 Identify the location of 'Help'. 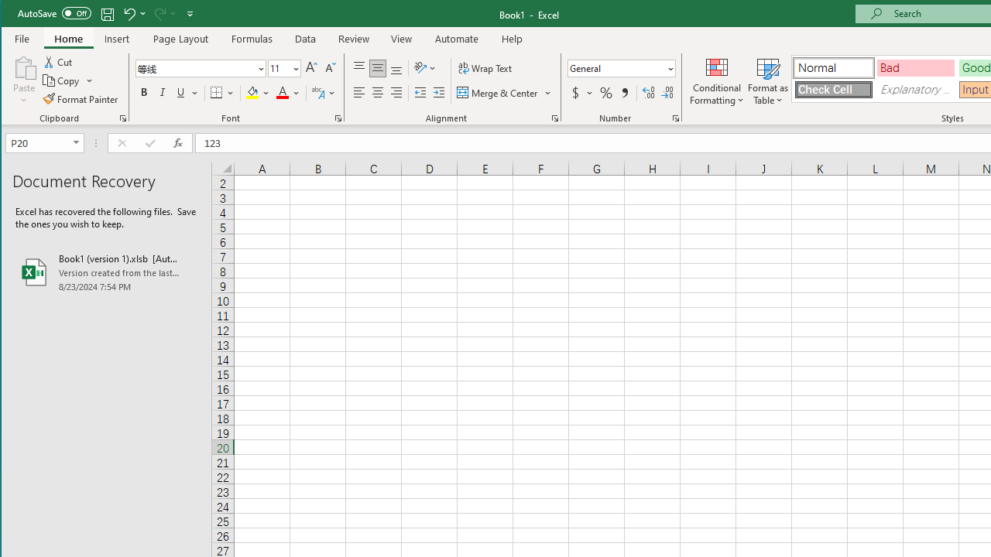
(512, 38).